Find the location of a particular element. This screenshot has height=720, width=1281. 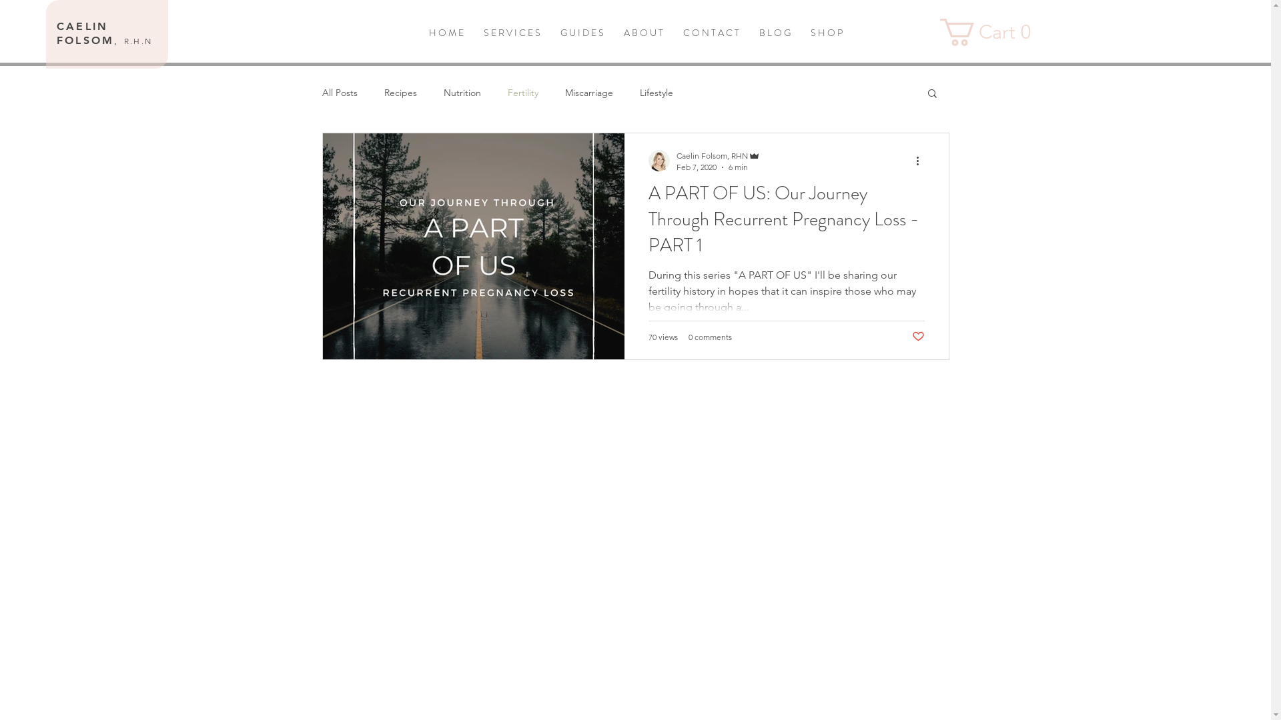

'Cart is located at coordinates (990, 31).